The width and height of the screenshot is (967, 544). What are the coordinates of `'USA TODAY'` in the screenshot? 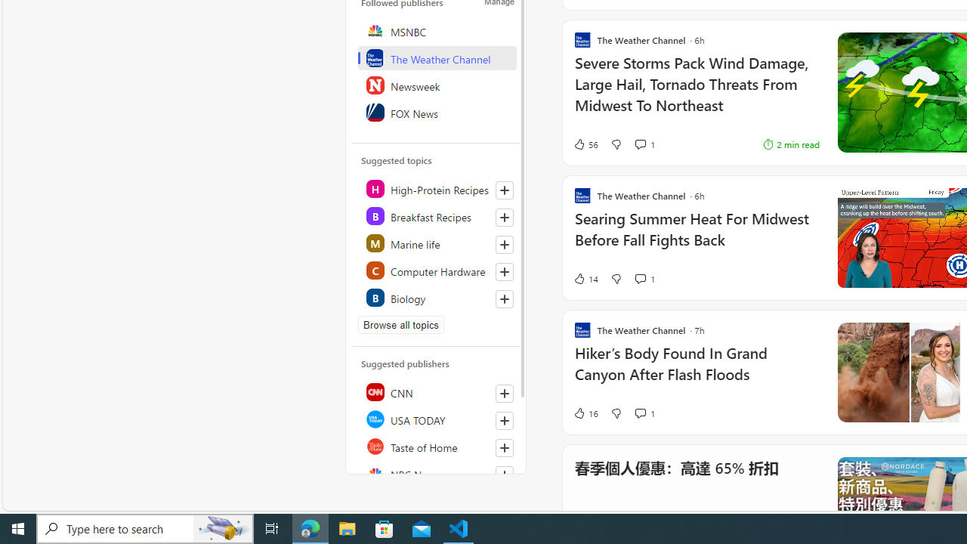 It's located at (436, 419).